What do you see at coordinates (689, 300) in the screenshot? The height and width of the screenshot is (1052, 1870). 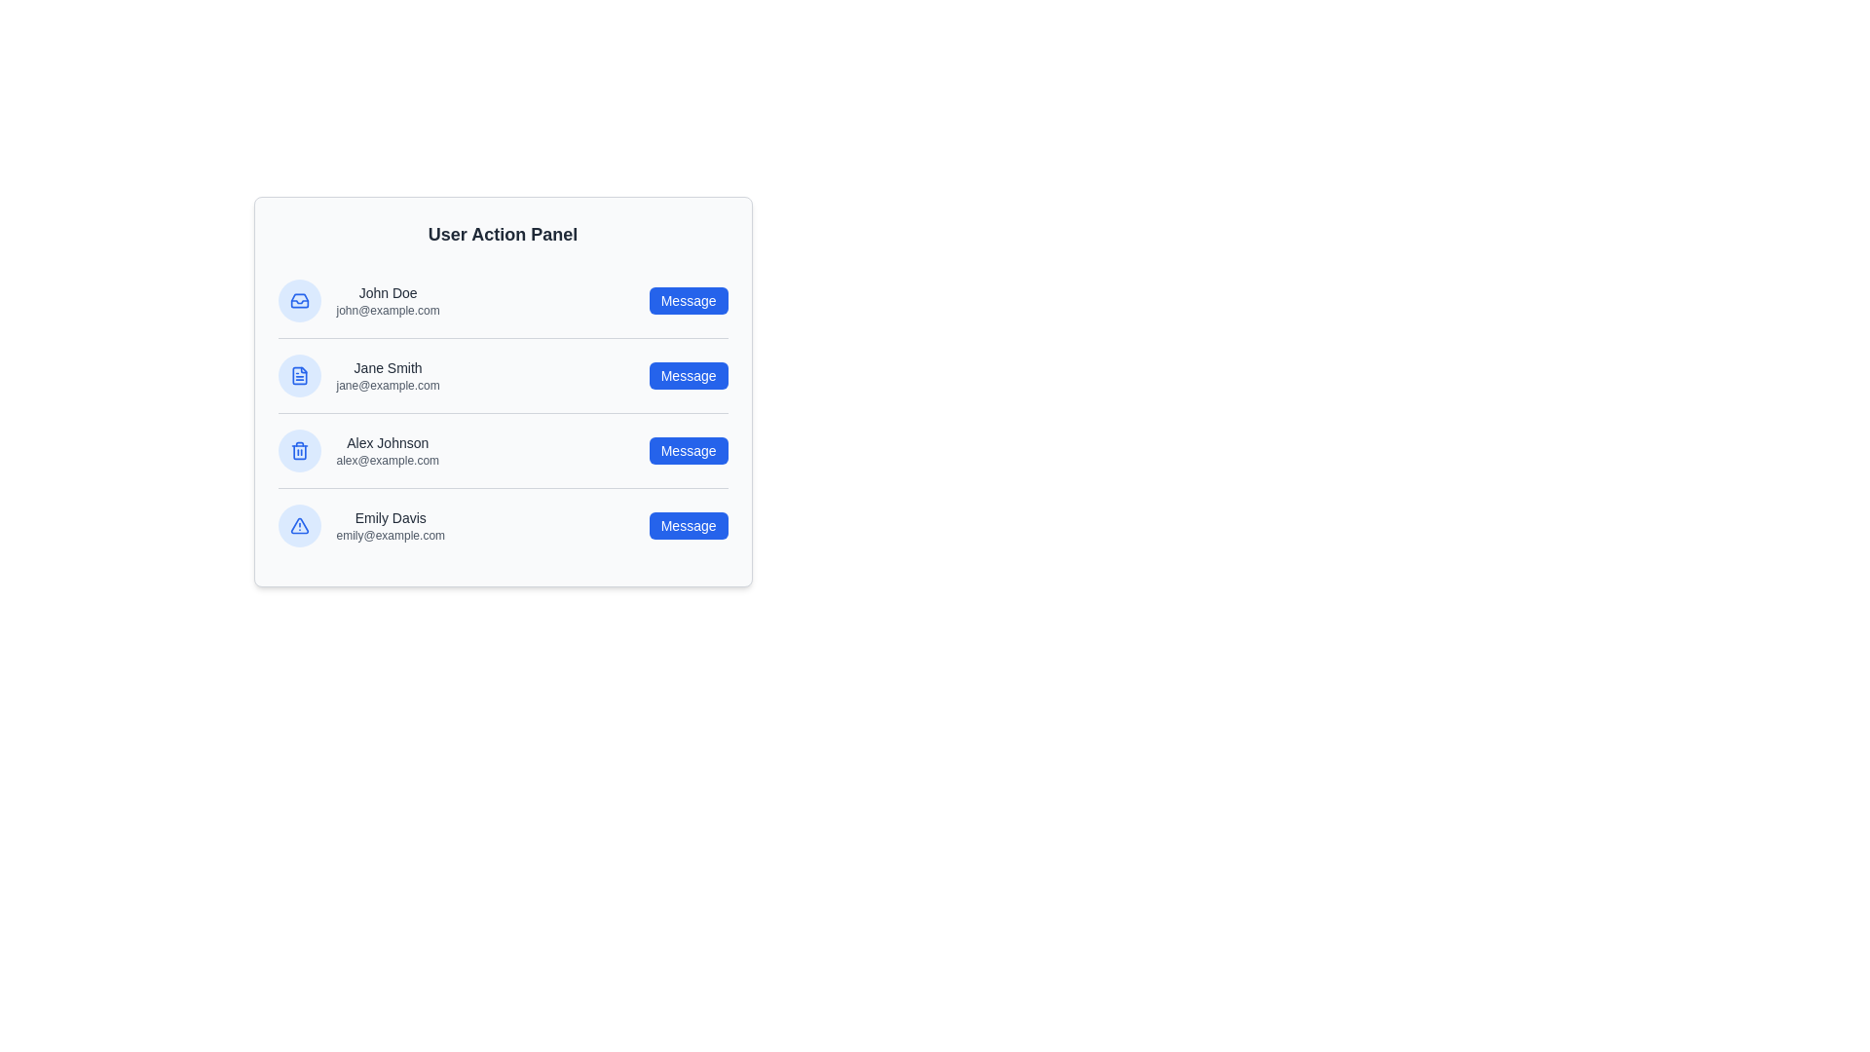 I see `'Message' button for the user identified by John Doe` at bounding box center [689, 300].